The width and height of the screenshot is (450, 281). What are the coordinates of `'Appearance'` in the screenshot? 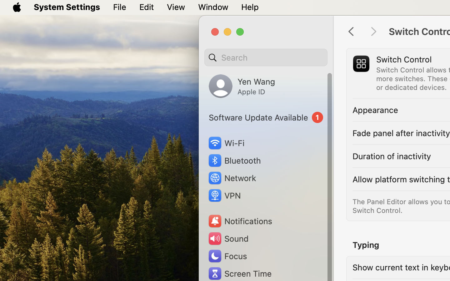 It's located at (375, 110).